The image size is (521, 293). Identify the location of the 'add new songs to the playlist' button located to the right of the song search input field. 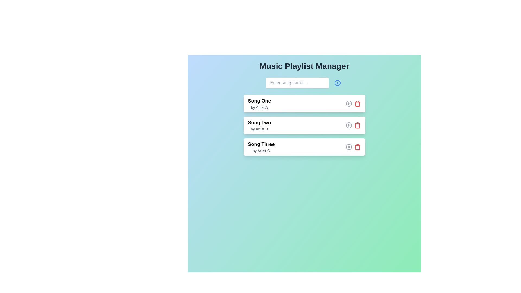
(337, 83).